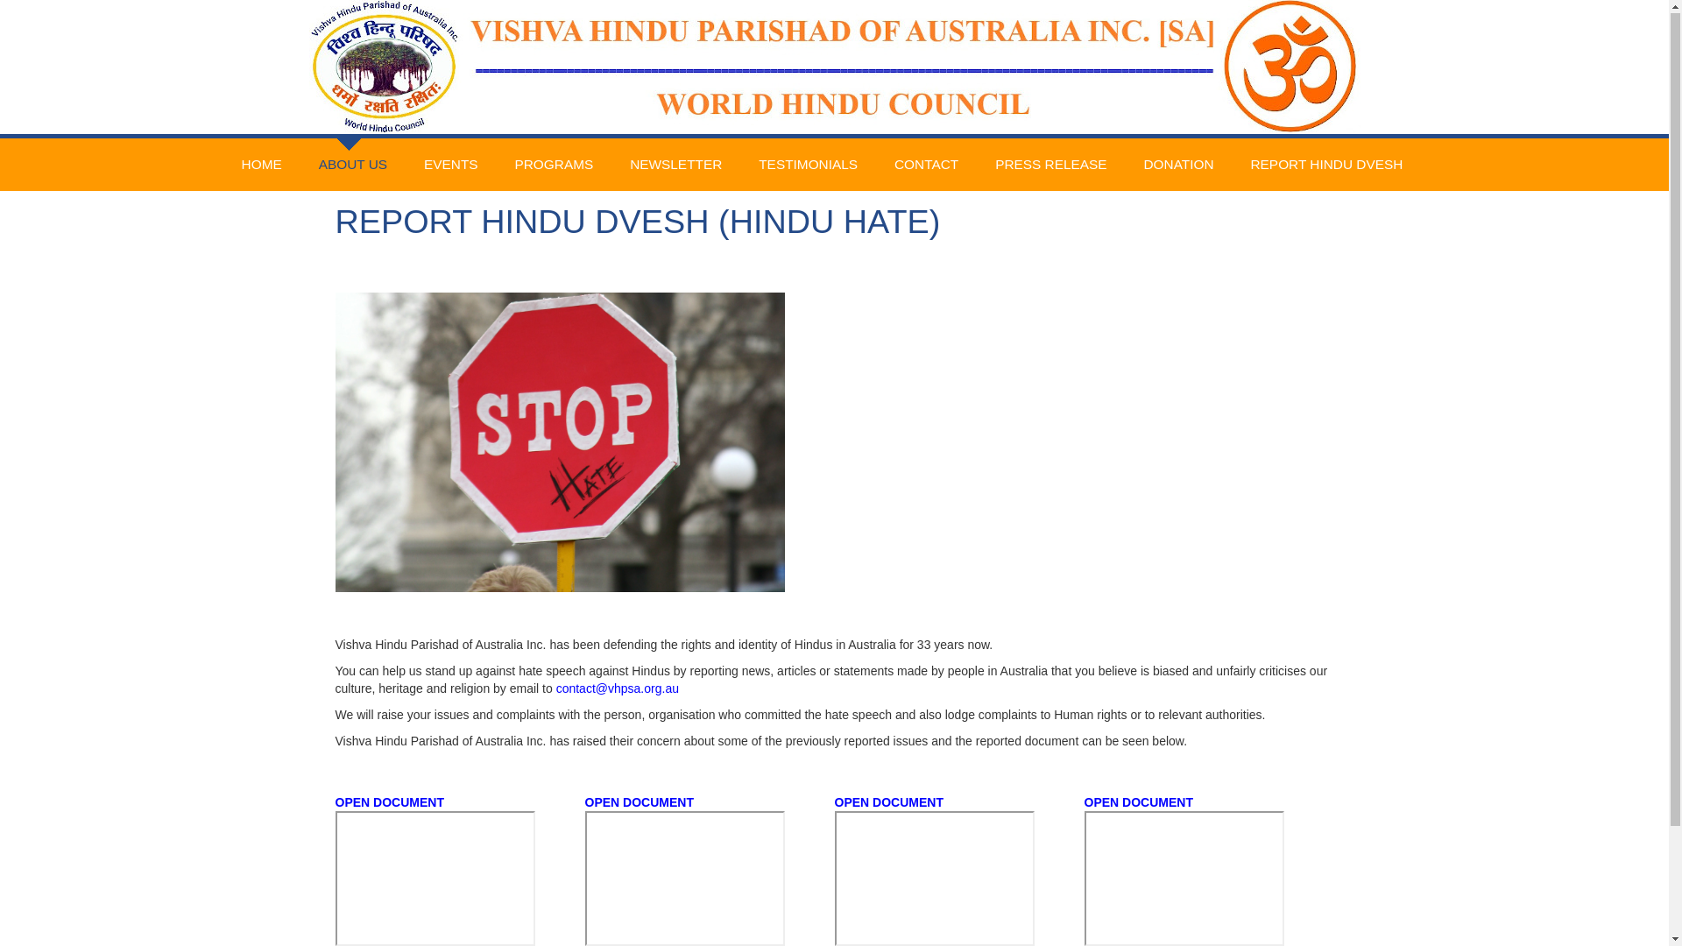 Image resolution: width=1682 pixels, height=946 pixels. Describe the element at coordinates (675, 166) in the screenshot. I see `'NEWSLETTER'` at that location.